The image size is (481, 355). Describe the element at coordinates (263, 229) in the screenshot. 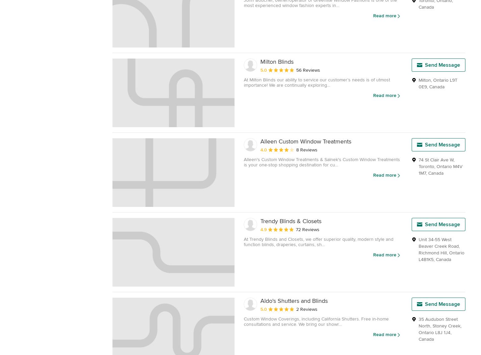

I see `'4.9'` at that location.